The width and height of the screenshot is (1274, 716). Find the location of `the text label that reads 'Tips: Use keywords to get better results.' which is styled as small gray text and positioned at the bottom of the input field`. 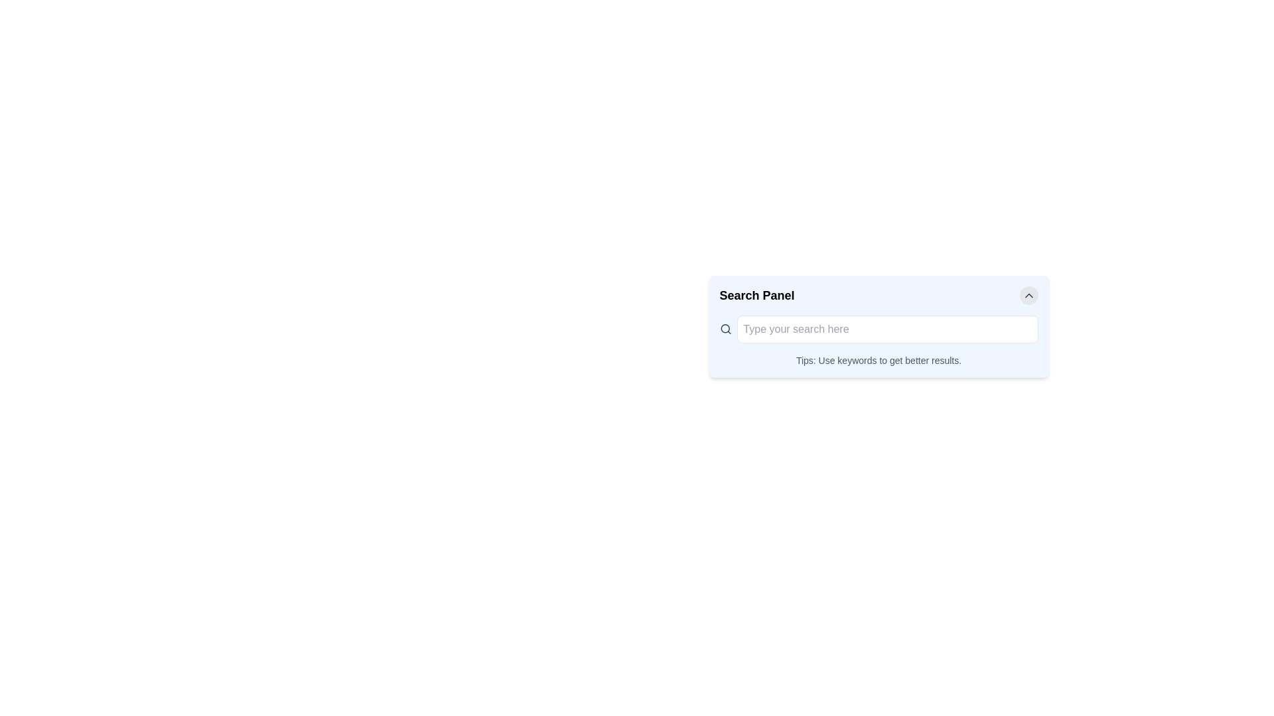

the text label that reads 'Tips: Use keywords to get better results.' which is styled as small gray text and positioned at the bottom of the input field is located at coordinates (879, 360).